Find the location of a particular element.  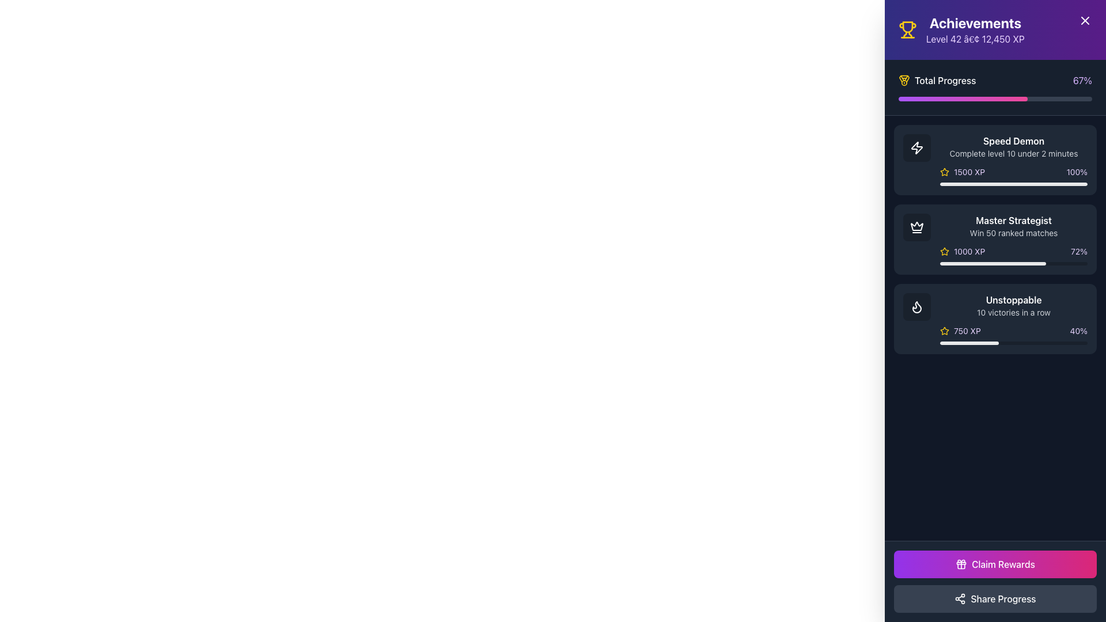

the 'Master Strategist' achievement icon located in the upper-left corner of its card is located at coordinates (916, 227).